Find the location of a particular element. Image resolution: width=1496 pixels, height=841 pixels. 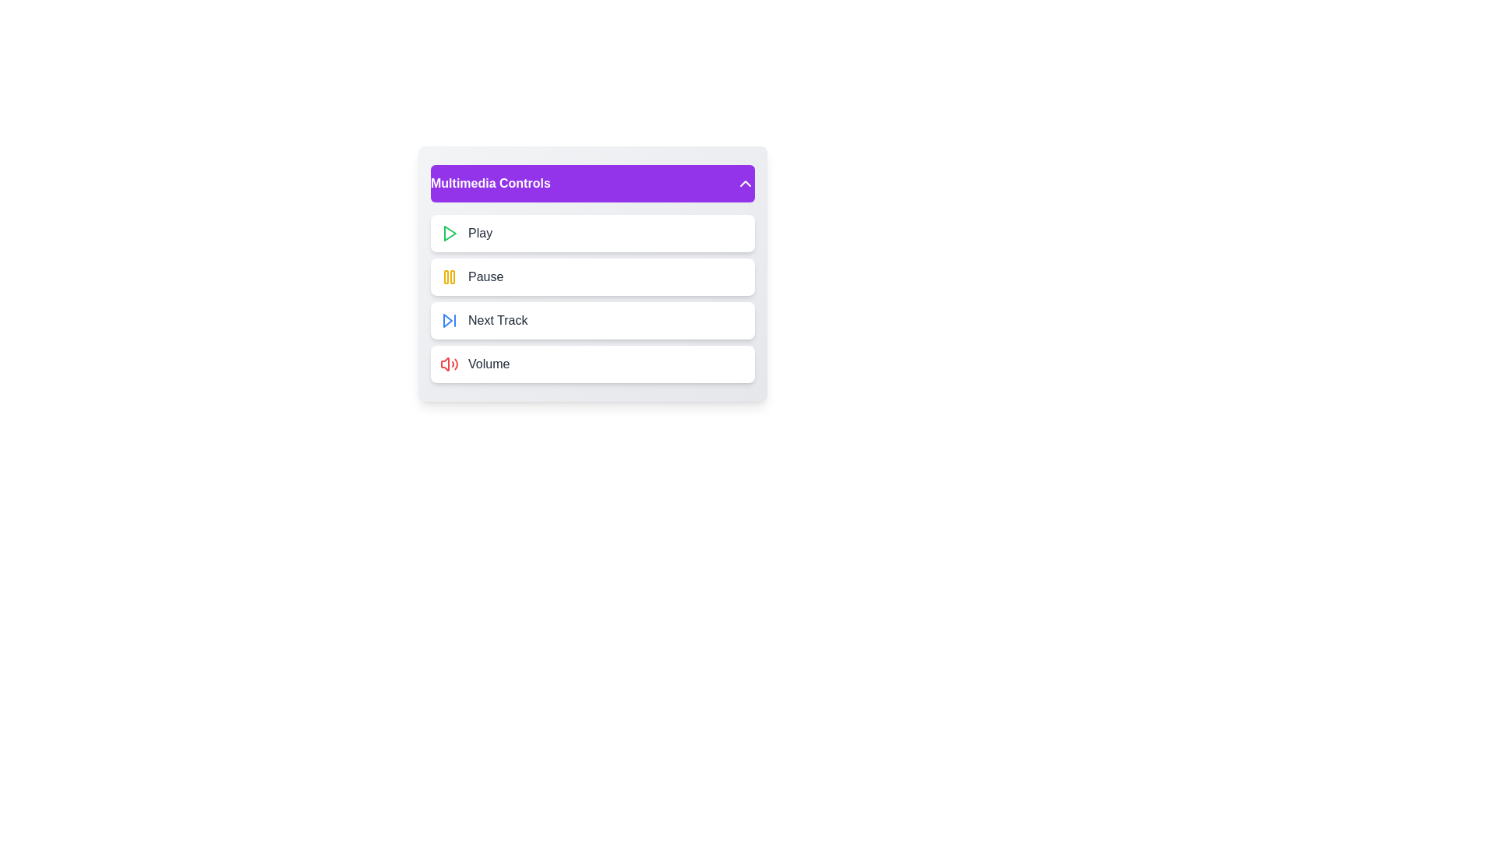

the second button in the 'Multimedia Controls' panel is located at coordinates (592, 273).